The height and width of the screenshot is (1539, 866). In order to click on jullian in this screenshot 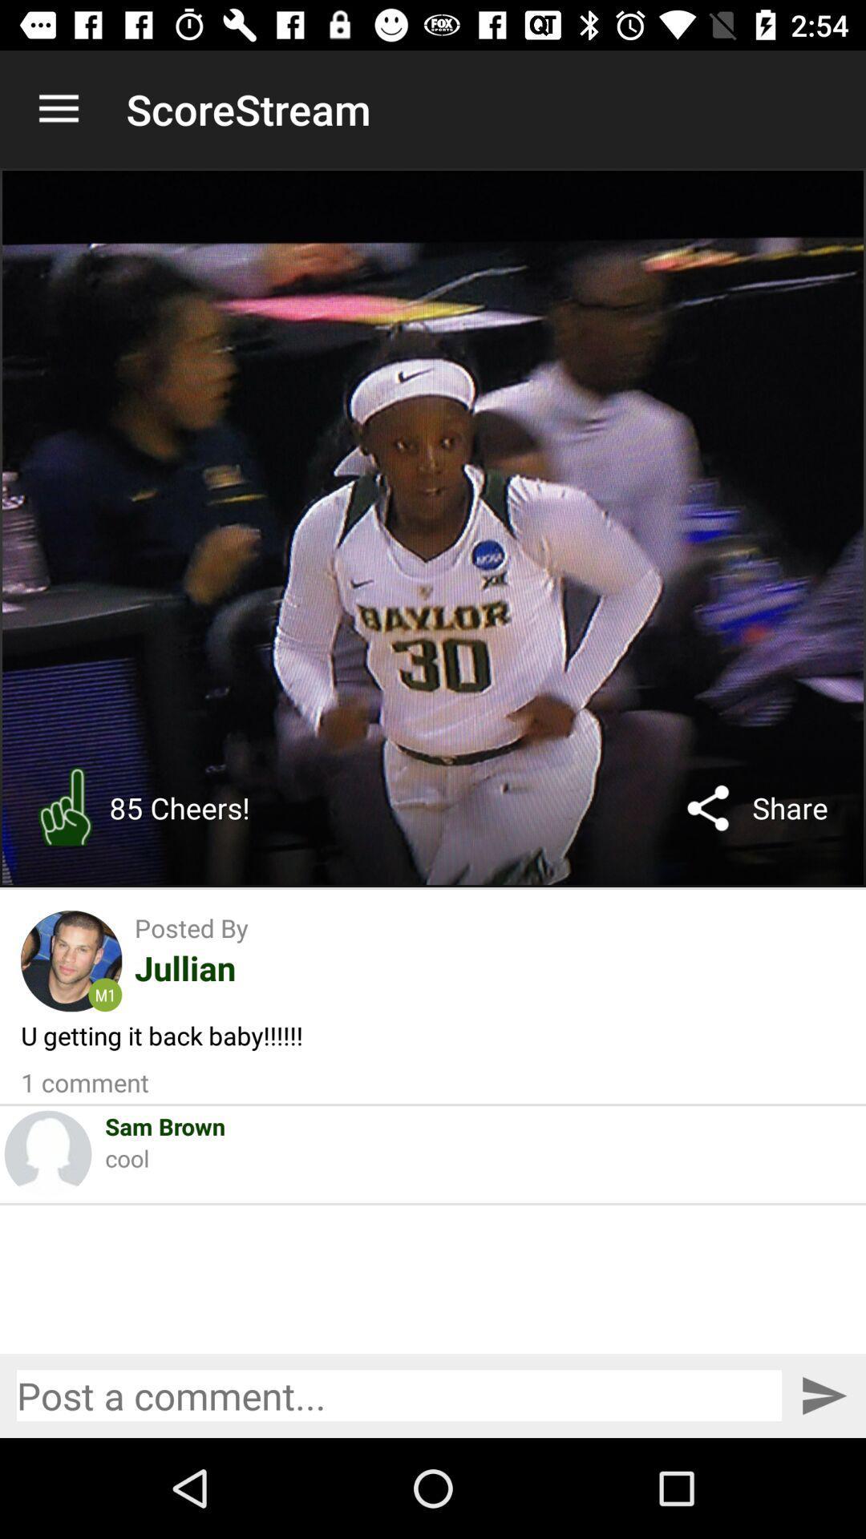, I will do `click(184, 967)`.